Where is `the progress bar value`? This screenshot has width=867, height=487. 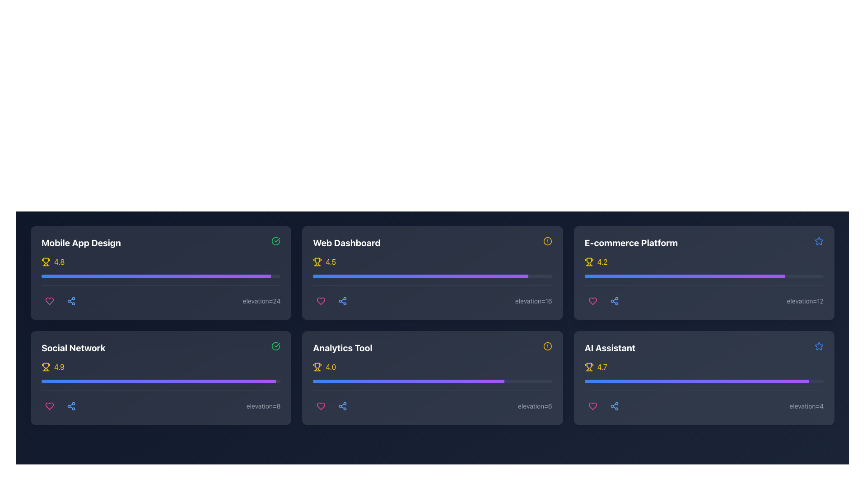 the progress bar value is located at coordinates (721, 276).